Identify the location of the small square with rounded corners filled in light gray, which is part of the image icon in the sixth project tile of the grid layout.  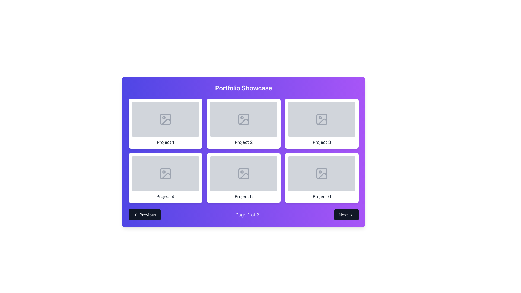
(322, 174).